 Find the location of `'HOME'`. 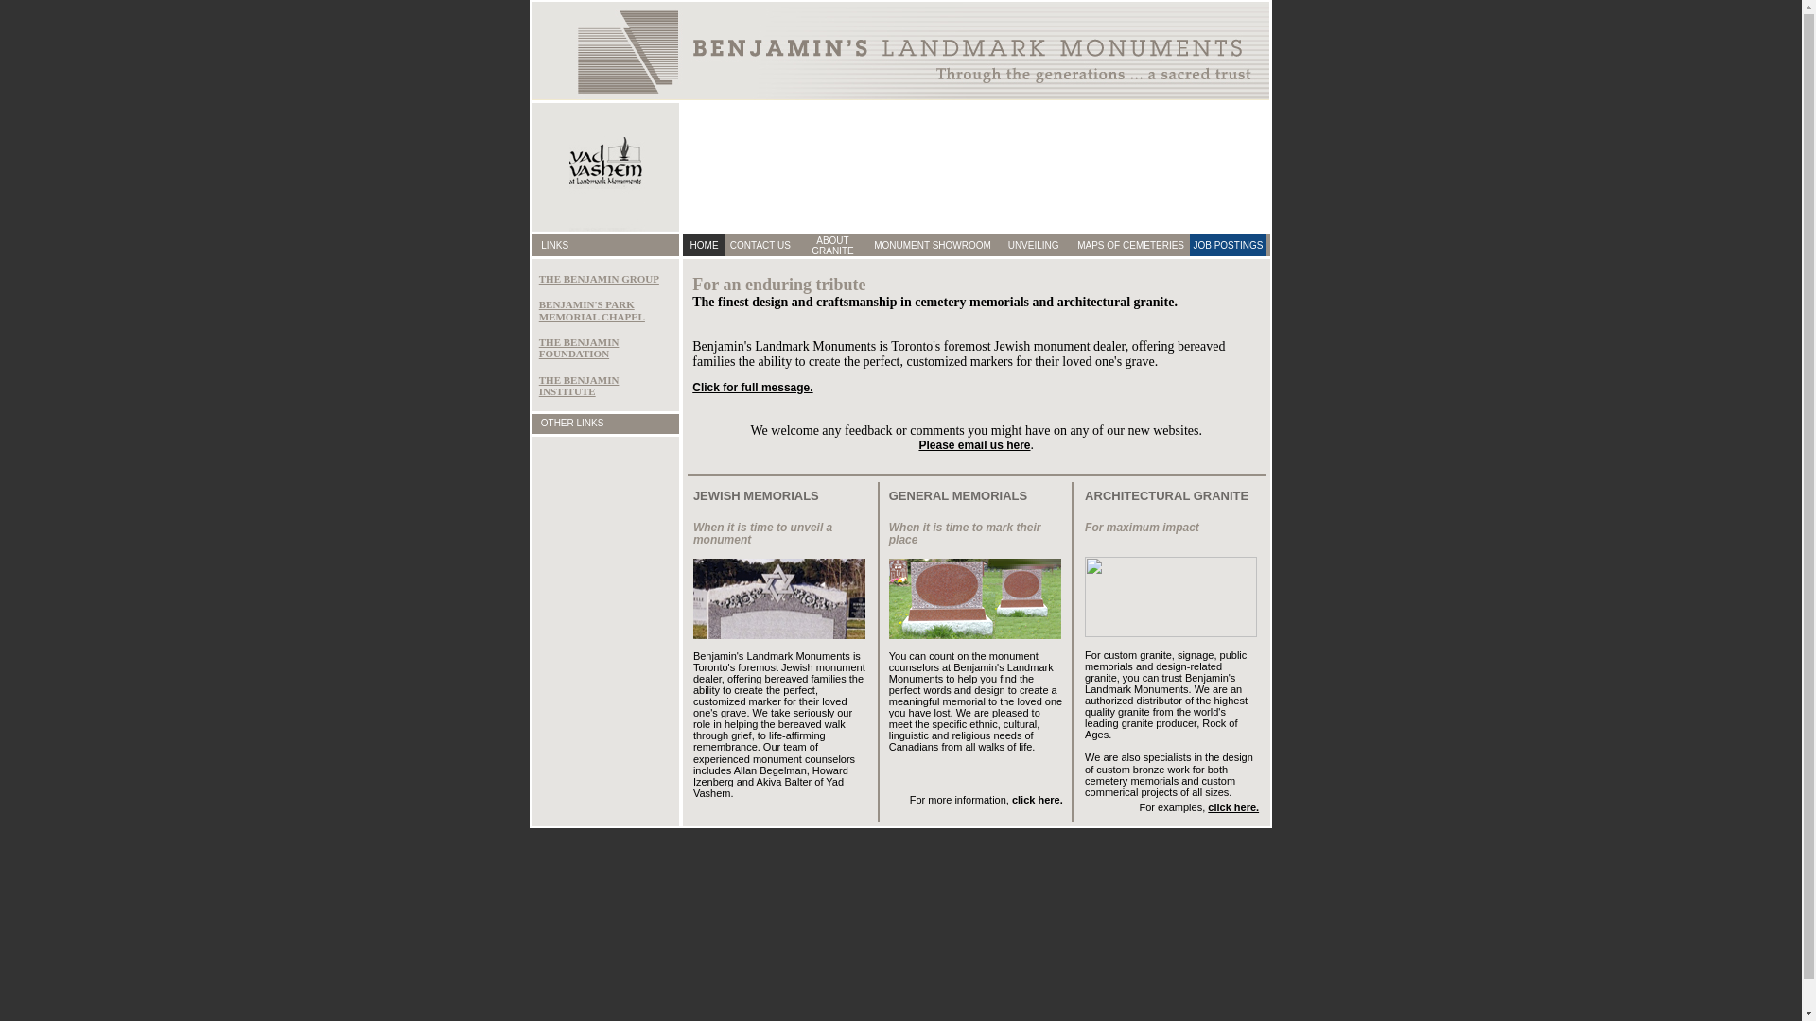

'HOME' is located at coordinates (703, 244).